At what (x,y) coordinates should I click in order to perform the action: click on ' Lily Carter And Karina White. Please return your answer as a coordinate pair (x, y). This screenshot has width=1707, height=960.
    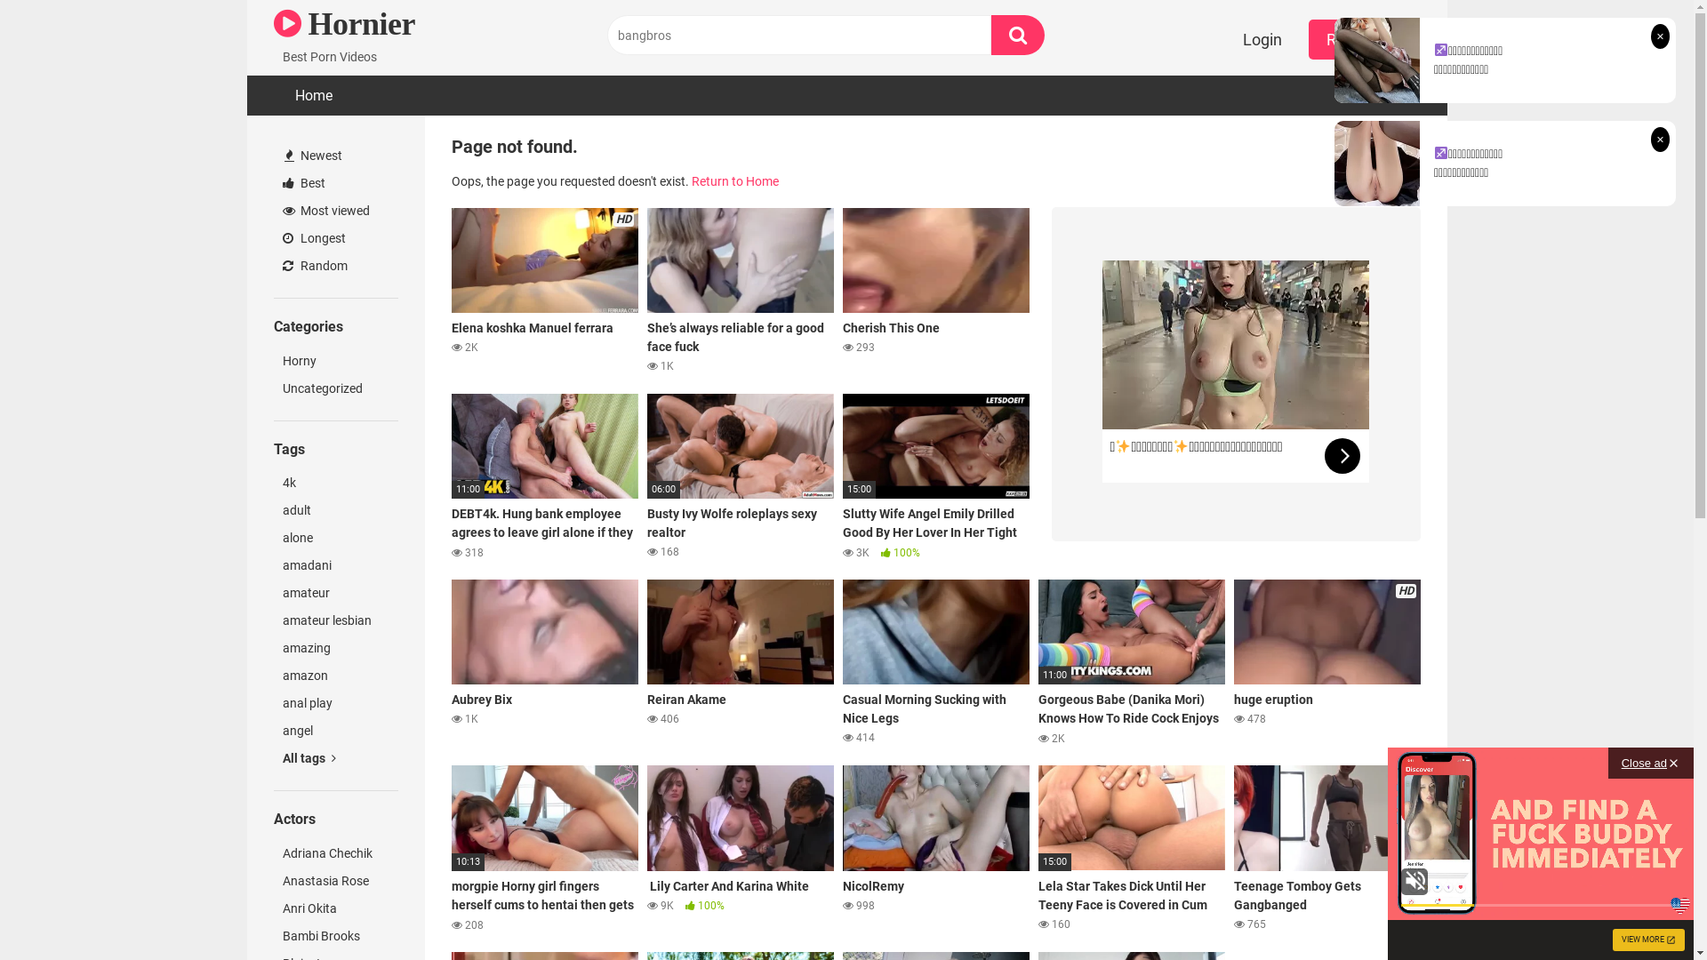
    Looking at the image, I should click on (646, 848).